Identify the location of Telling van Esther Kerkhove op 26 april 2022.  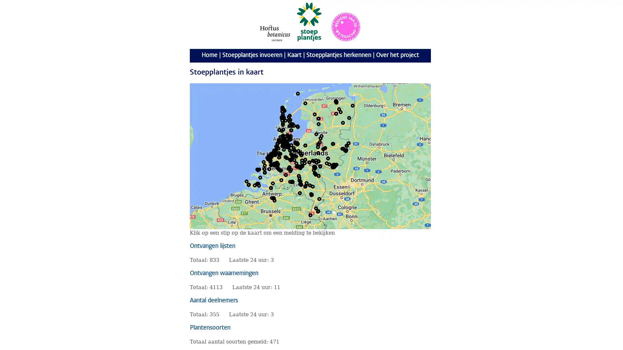
(275, 153).